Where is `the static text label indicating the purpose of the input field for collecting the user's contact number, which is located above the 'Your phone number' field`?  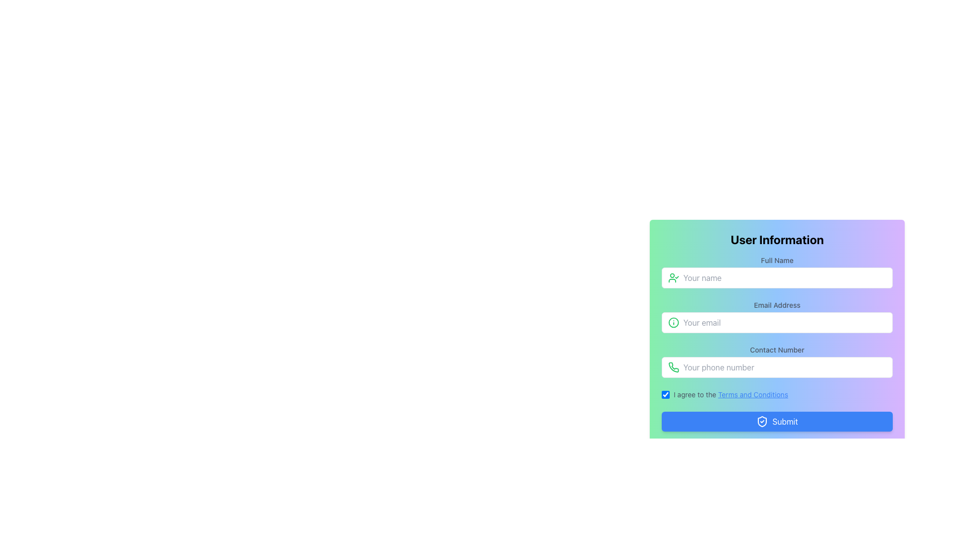 the static text label indicating the purpose of the input field for collecting the user's contact number, which is located above the 'Your phone number' field is located at coordinates (776, 350).